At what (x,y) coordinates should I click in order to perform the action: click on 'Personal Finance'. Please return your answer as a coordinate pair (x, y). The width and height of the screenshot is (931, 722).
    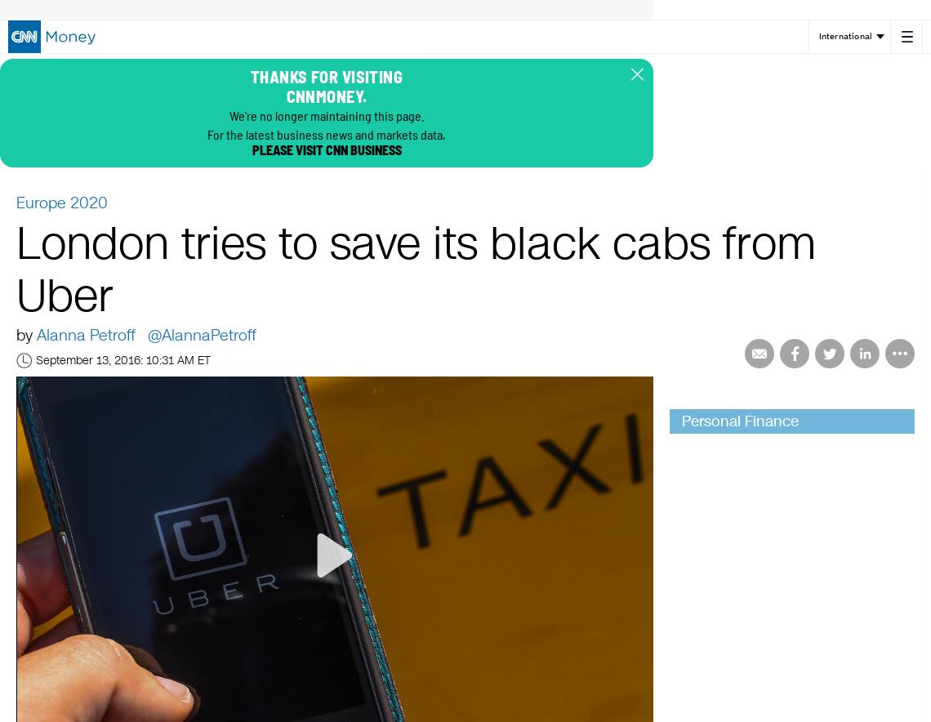
    Looking at the image, I should click on (740, 420).